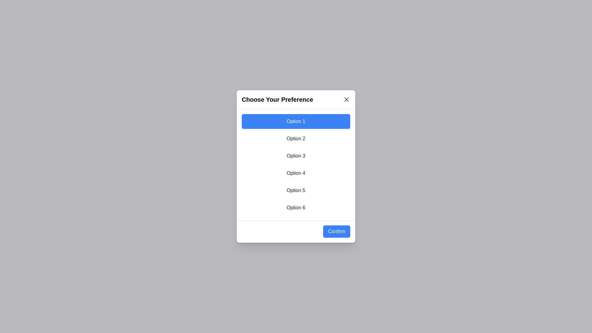 The height and width of the screenshot is (333, 592). Describe the element at coordinates (336, 232) in the screenshot. I see `'Confirm' button to confirm the selected option` at that location.